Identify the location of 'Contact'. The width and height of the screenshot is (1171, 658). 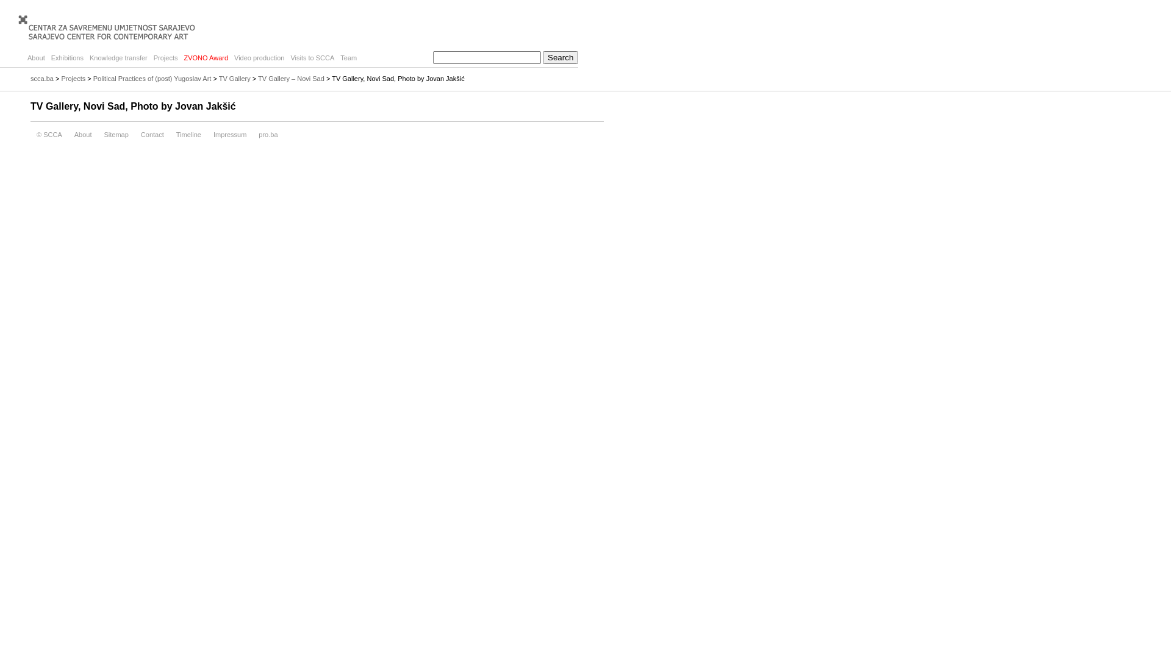
(151, 134).